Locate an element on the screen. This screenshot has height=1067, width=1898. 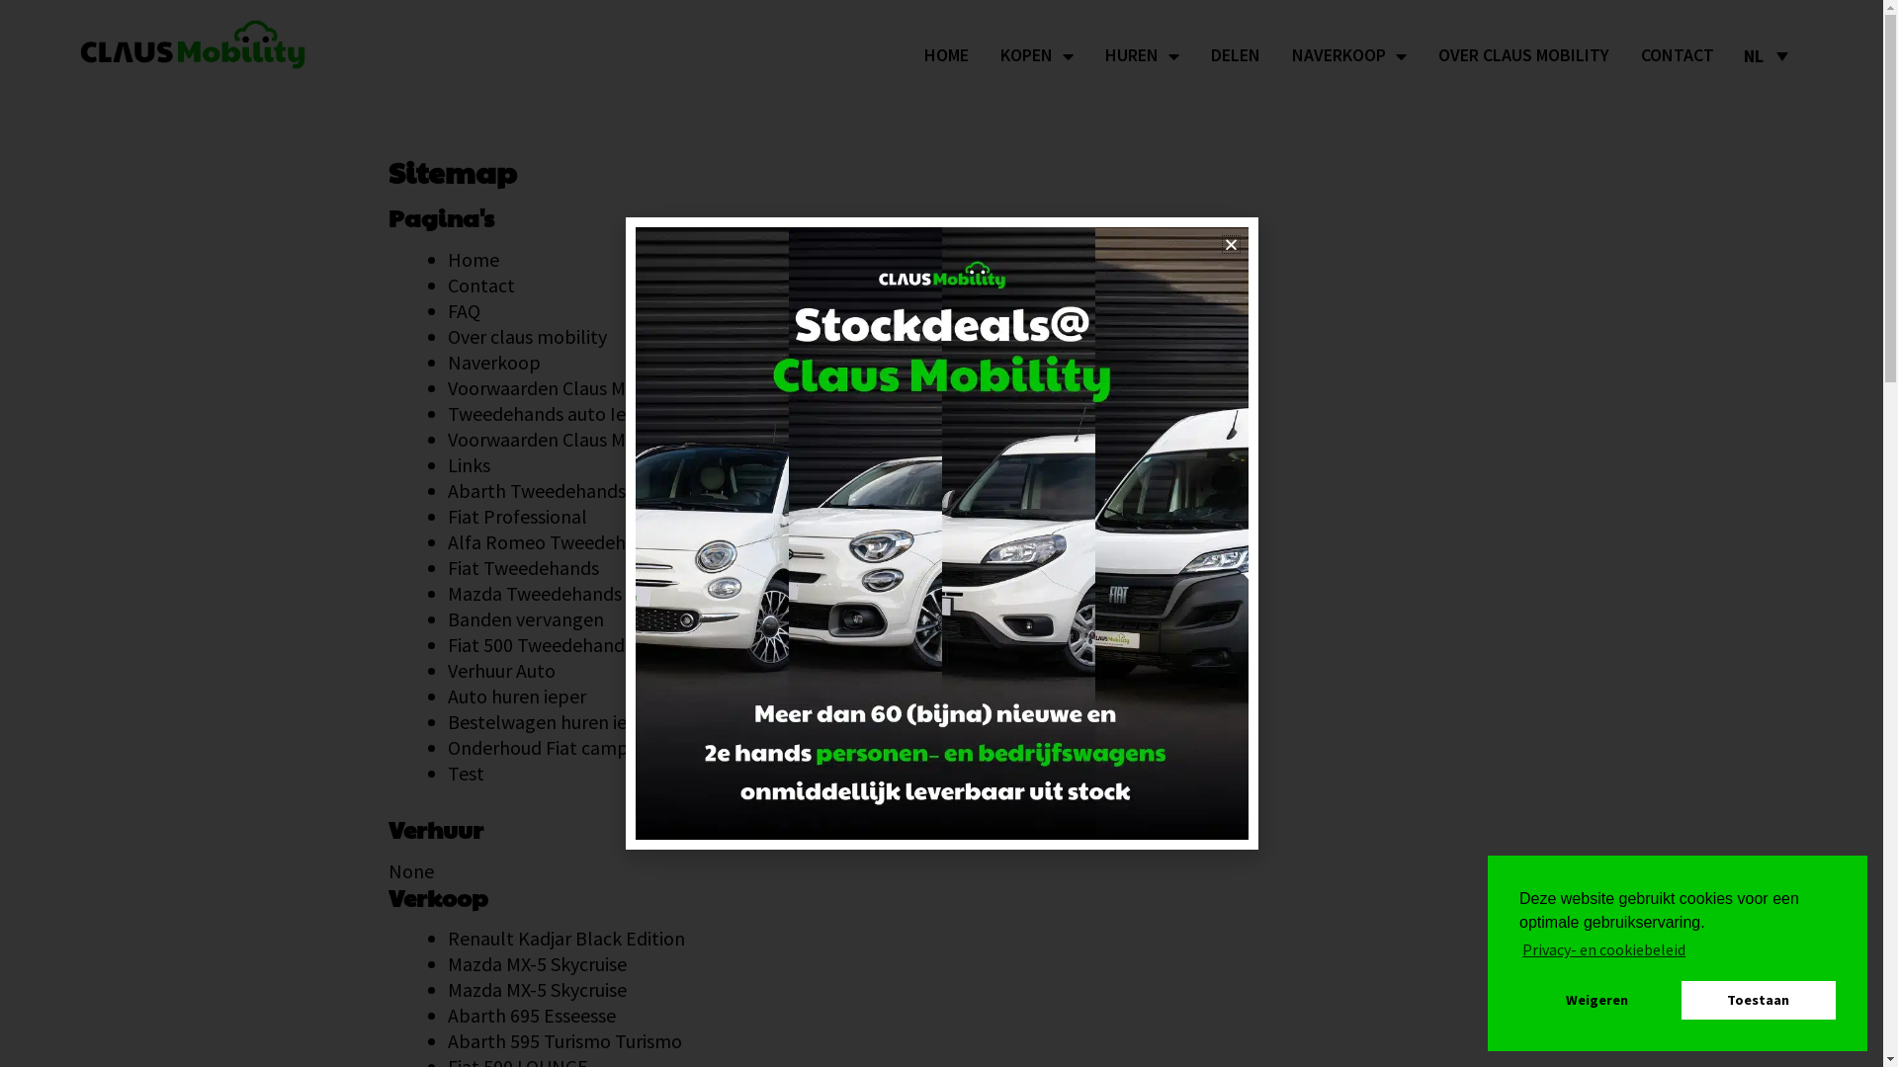
'Tweedehands auto Ieper' is located at coordinates (550, 412).